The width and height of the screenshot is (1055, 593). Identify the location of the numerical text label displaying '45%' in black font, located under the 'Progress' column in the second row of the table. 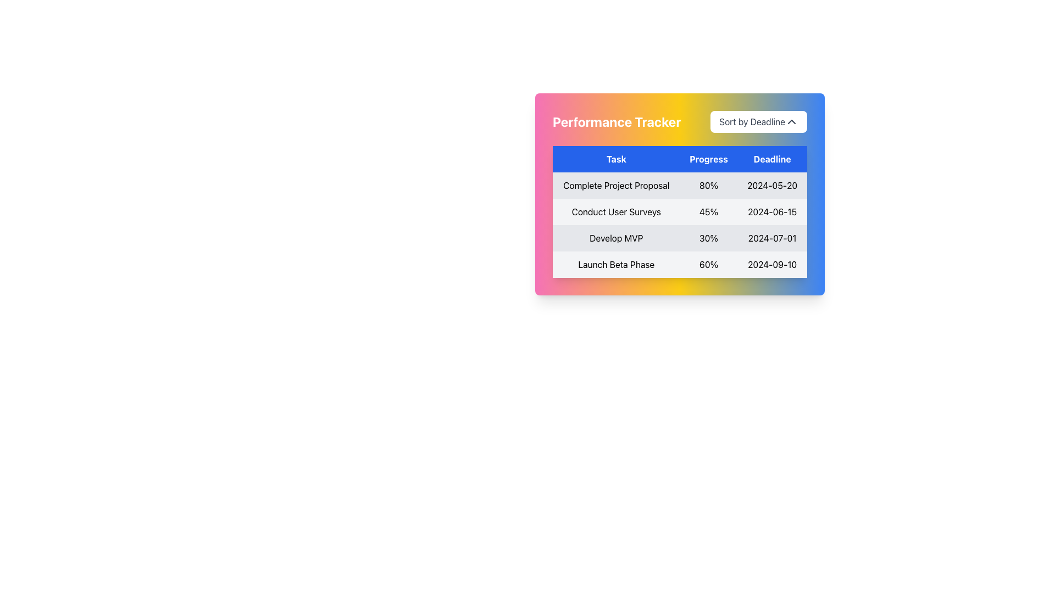
(709, 211).